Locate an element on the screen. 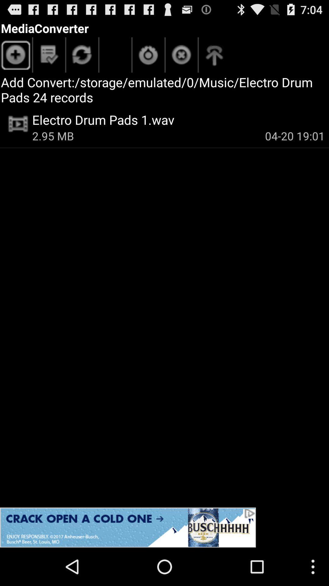 The width and height of the screenshot is (329, 586). data is located at coordinates (82, 56).